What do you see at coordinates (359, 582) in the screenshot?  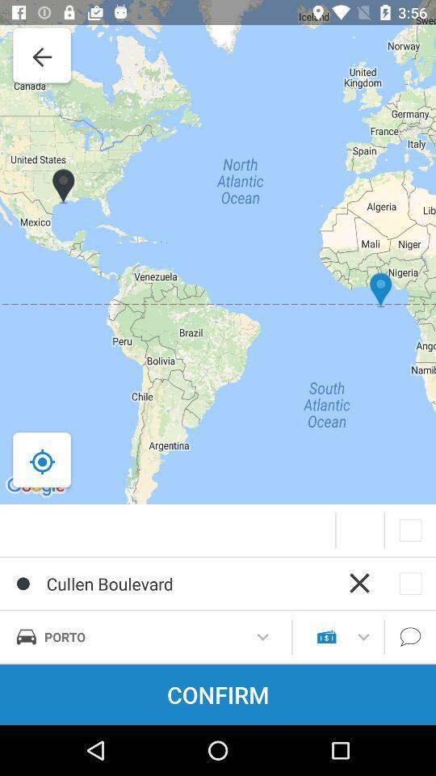 I see `the cross sign right to cullen boulevard` at bounding box center [359, 582].